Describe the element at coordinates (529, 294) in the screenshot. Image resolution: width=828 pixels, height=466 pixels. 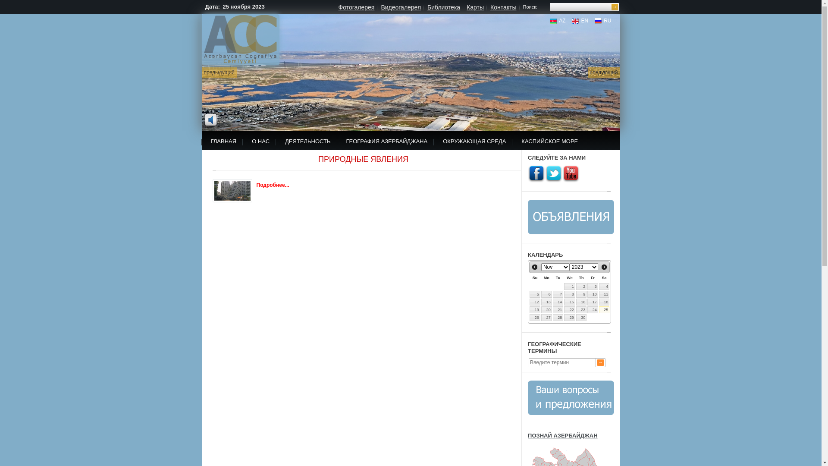
I see `'5'` at that location.